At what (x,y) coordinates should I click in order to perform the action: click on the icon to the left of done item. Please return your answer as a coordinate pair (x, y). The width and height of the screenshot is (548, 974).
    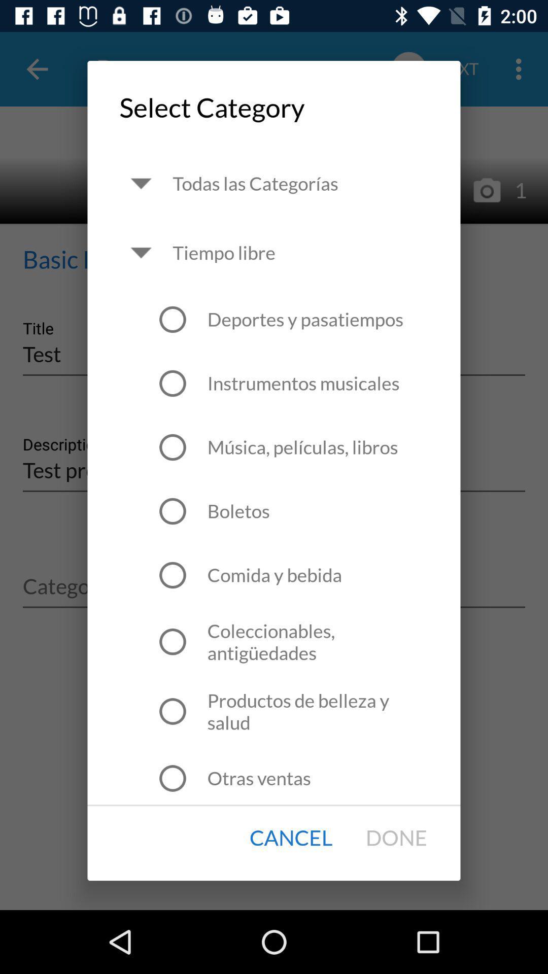
    Looking at the image, I should click on (291, 838).